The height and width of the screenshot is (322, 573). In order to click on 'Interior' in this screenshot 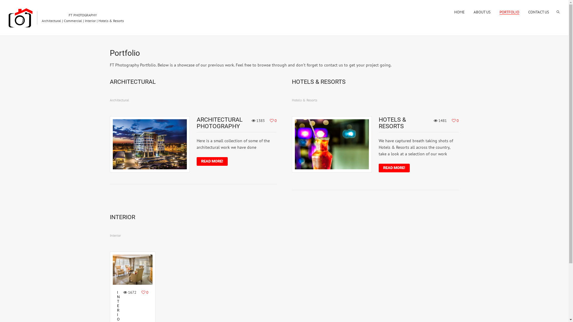, I will do `click(115, 235)`.